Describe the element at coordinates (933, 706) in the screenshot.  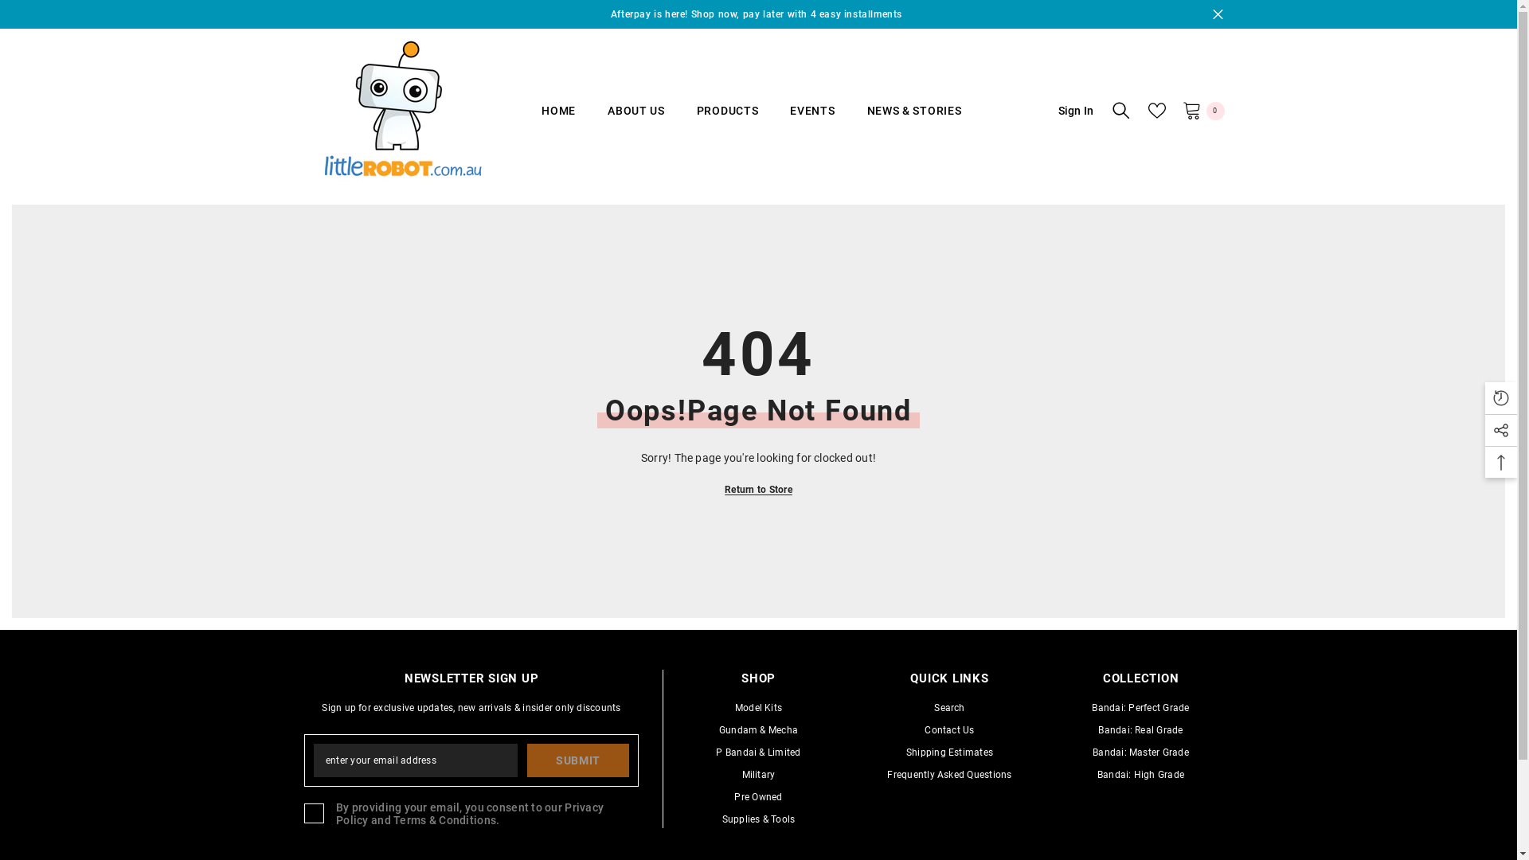
I see `'Search'` at that location.